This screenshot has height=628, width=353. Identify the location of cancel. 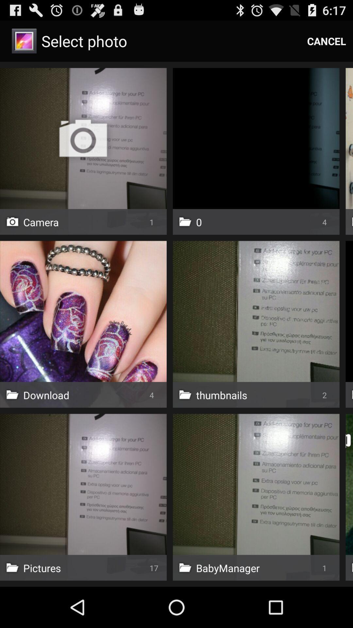
(327, 41).